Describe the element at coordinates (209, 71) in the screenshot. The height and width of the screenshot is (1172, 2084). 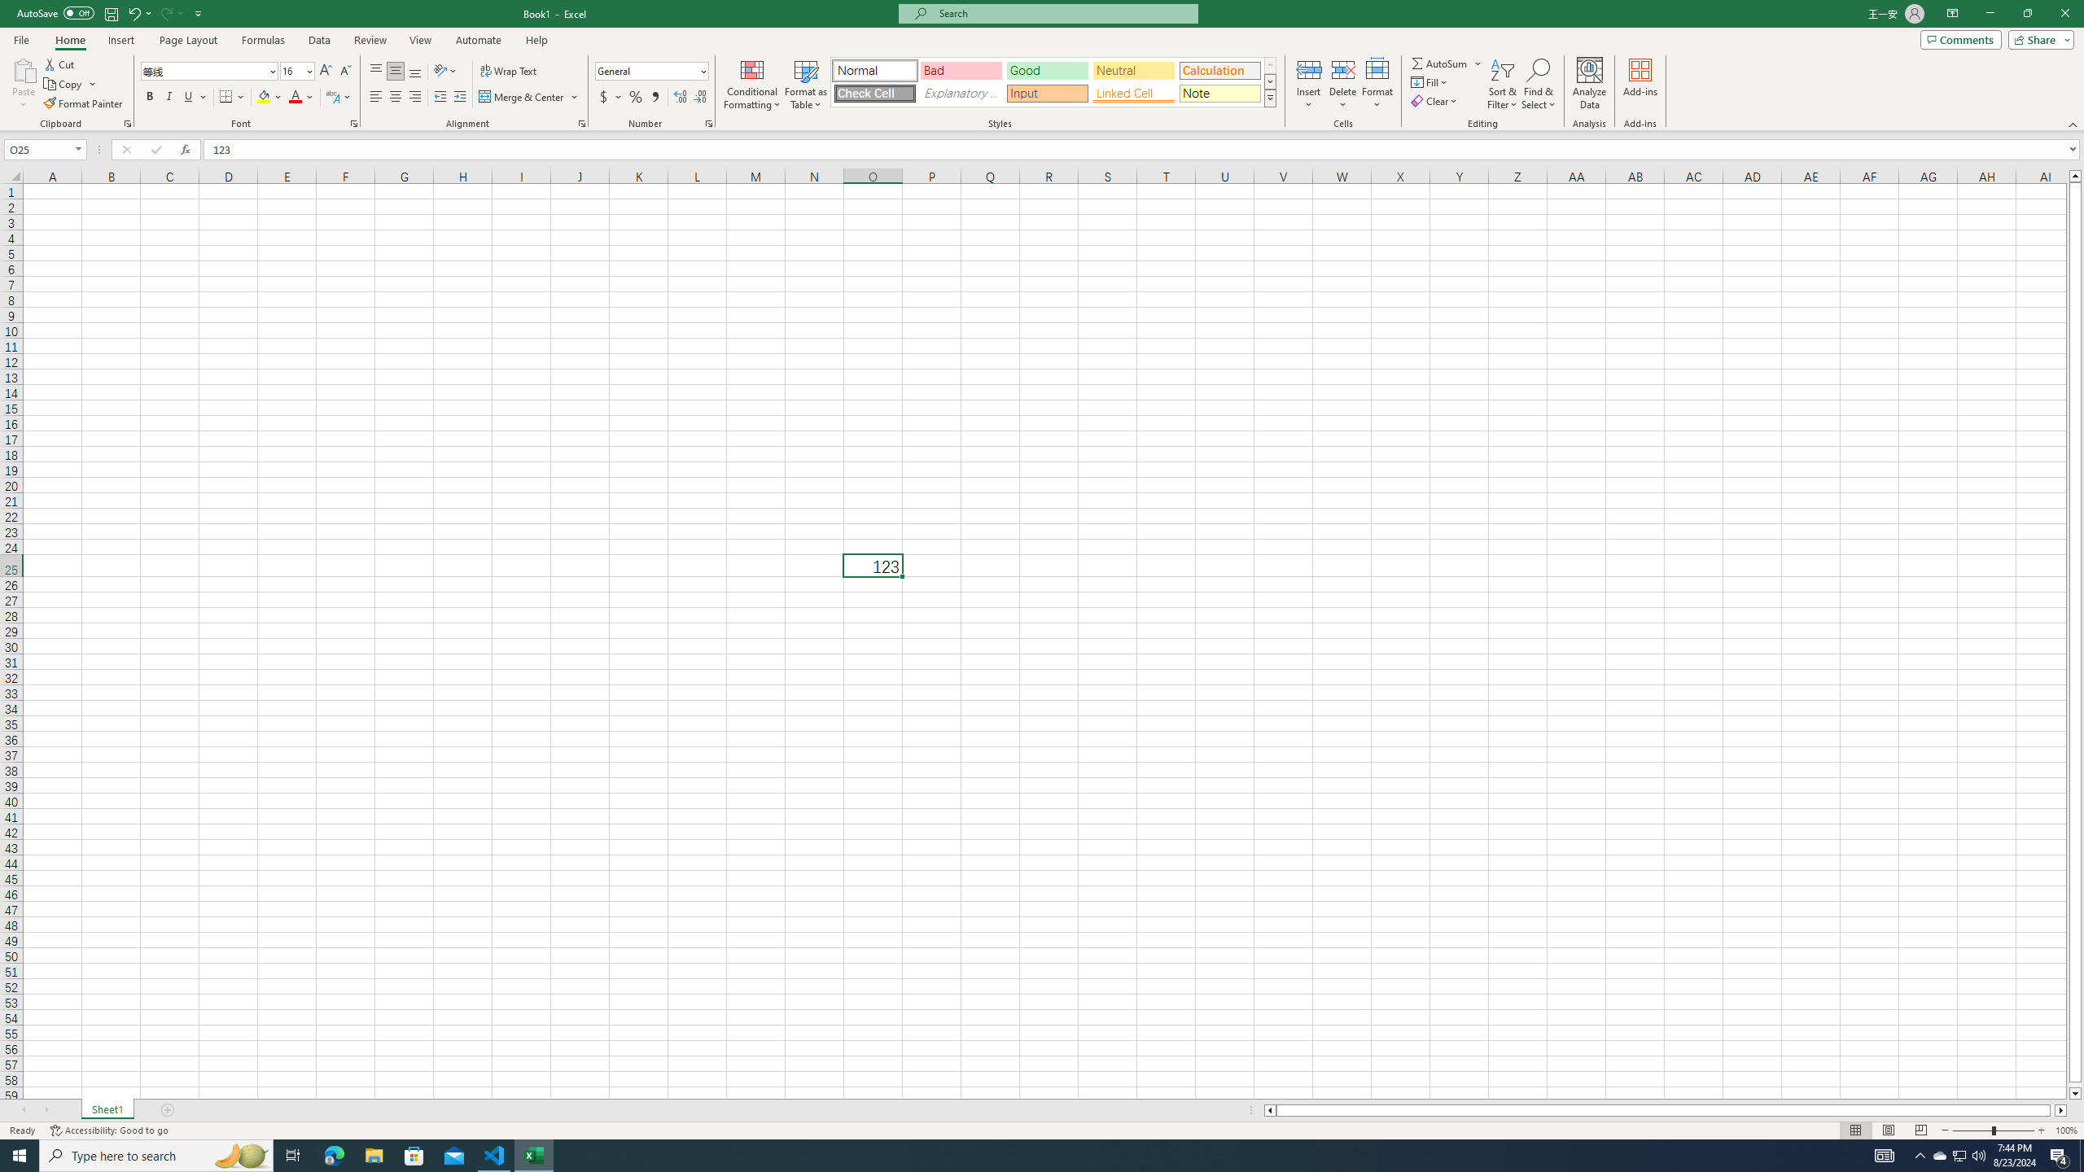
I see `'Font'` at that location.